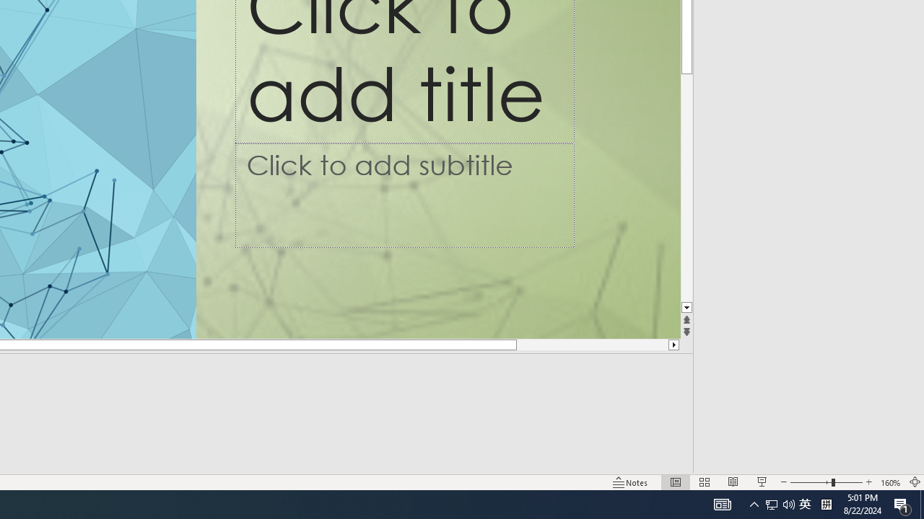 The width and height of the screenshot is (924, 519). What do you see at coordinates (890, 482) in the screenshot?
I see `'Zoom 160%'` at bounding box center [890, 482].